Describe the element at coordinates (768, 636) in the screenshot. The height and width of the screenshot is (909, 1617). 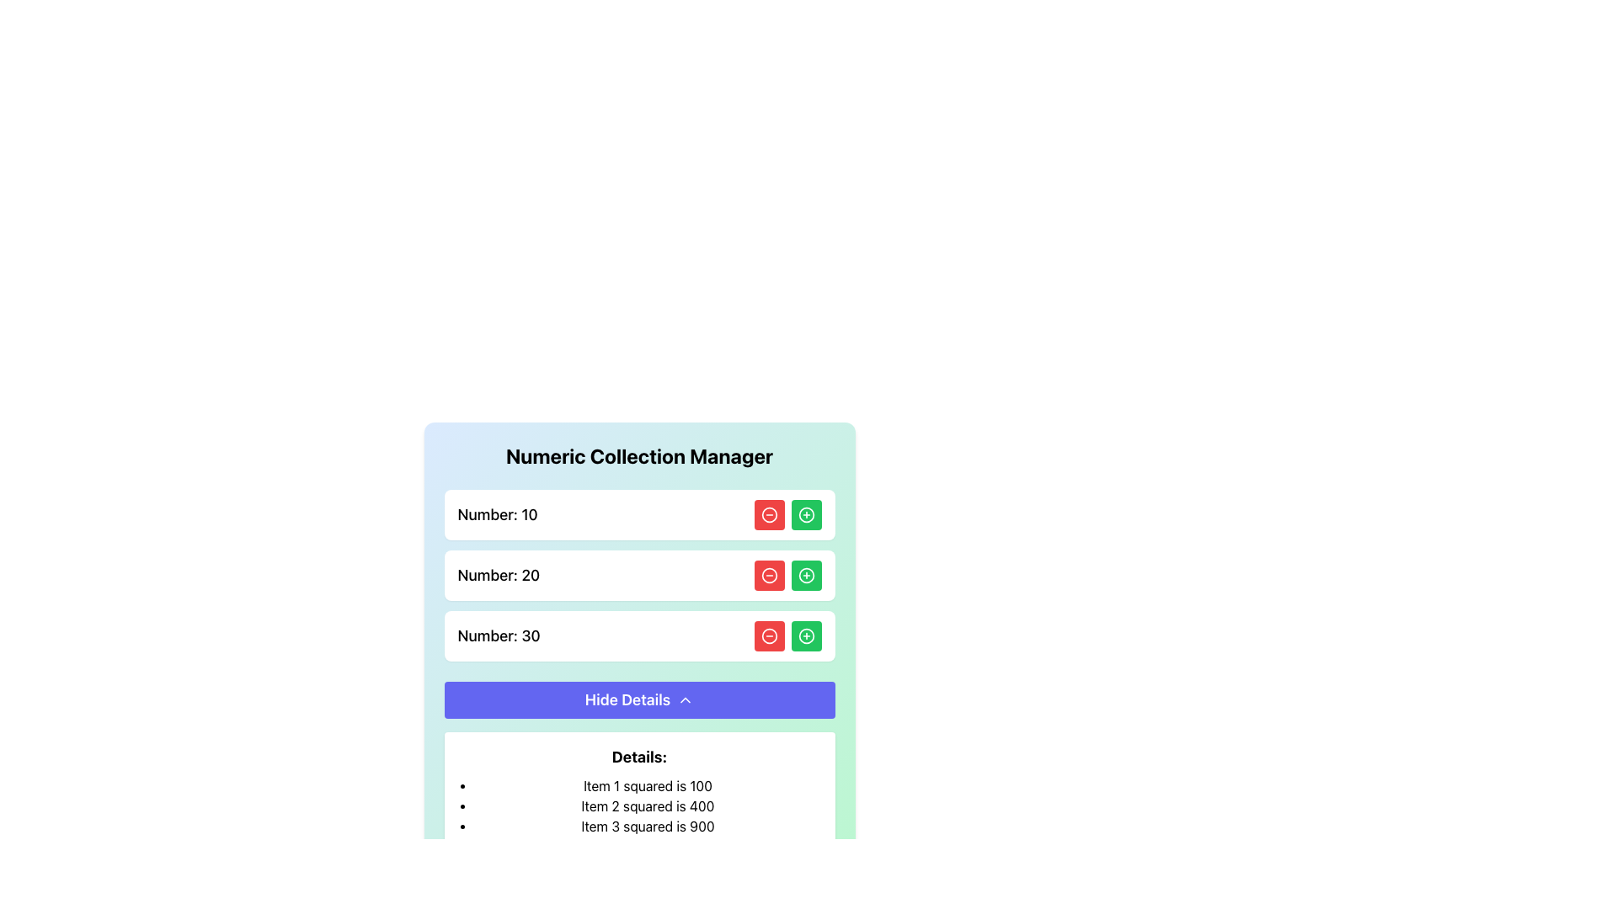
I see `the red circular button with a minus sign icon located on the right side of the row displaying 'Number: 30' to decrease the displayed number` at that location.